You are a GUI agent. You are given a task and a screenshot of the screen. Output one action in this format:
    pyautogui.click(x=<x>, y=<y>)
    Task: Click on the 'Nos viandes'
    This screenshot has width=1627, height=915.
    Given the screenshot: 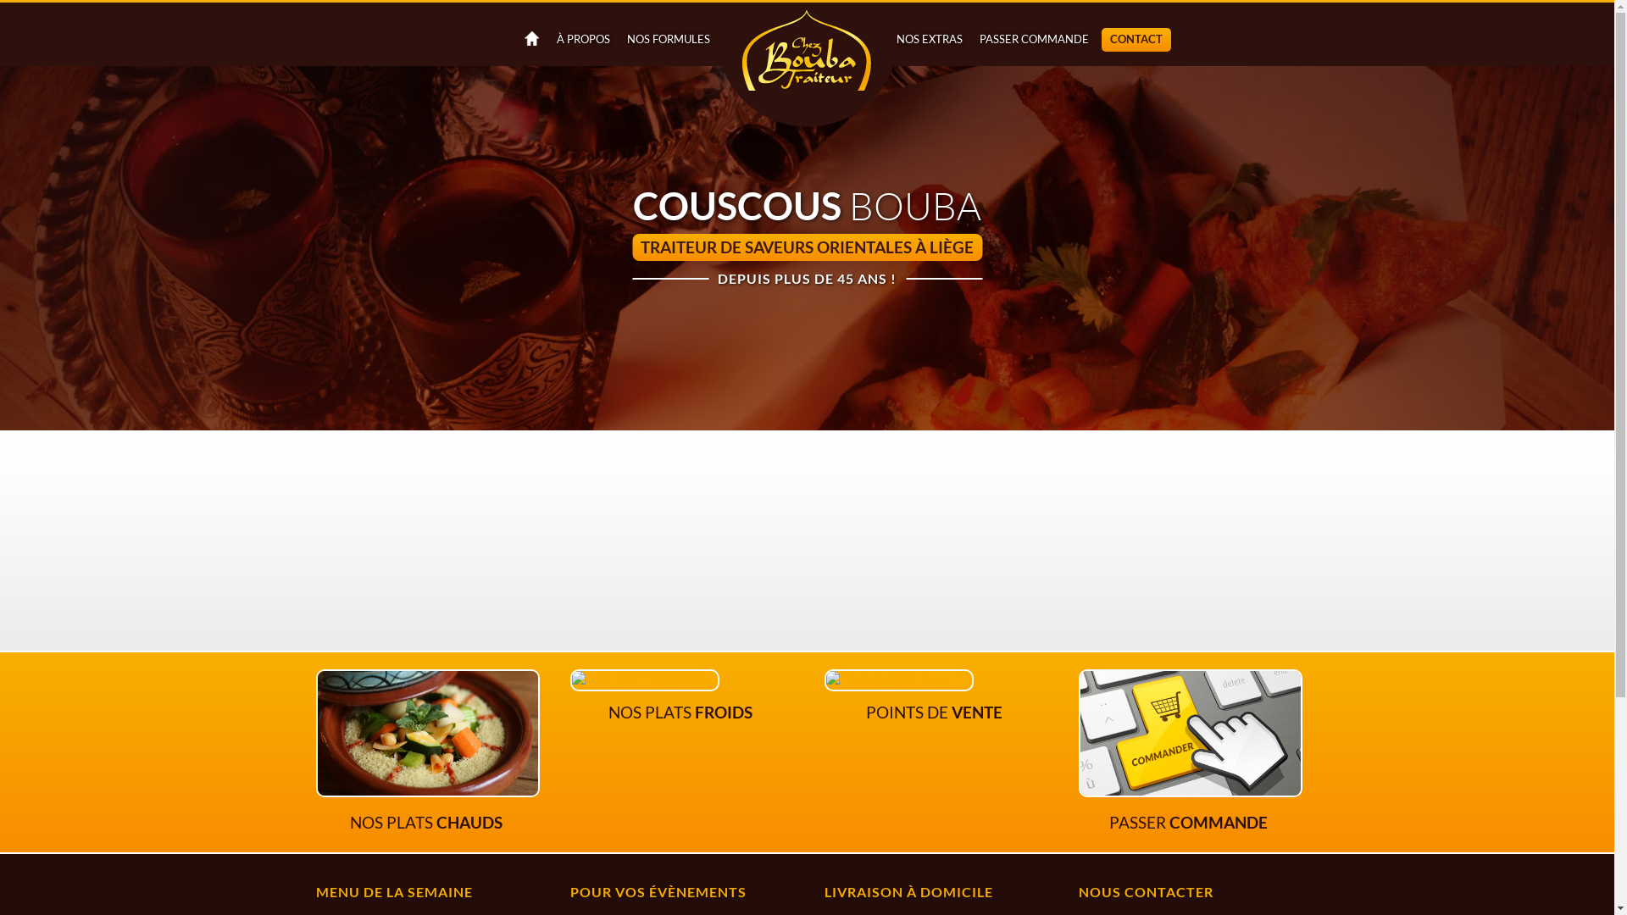 What is the action you would take?
    pyautogui.click(x=569, y=679)
    